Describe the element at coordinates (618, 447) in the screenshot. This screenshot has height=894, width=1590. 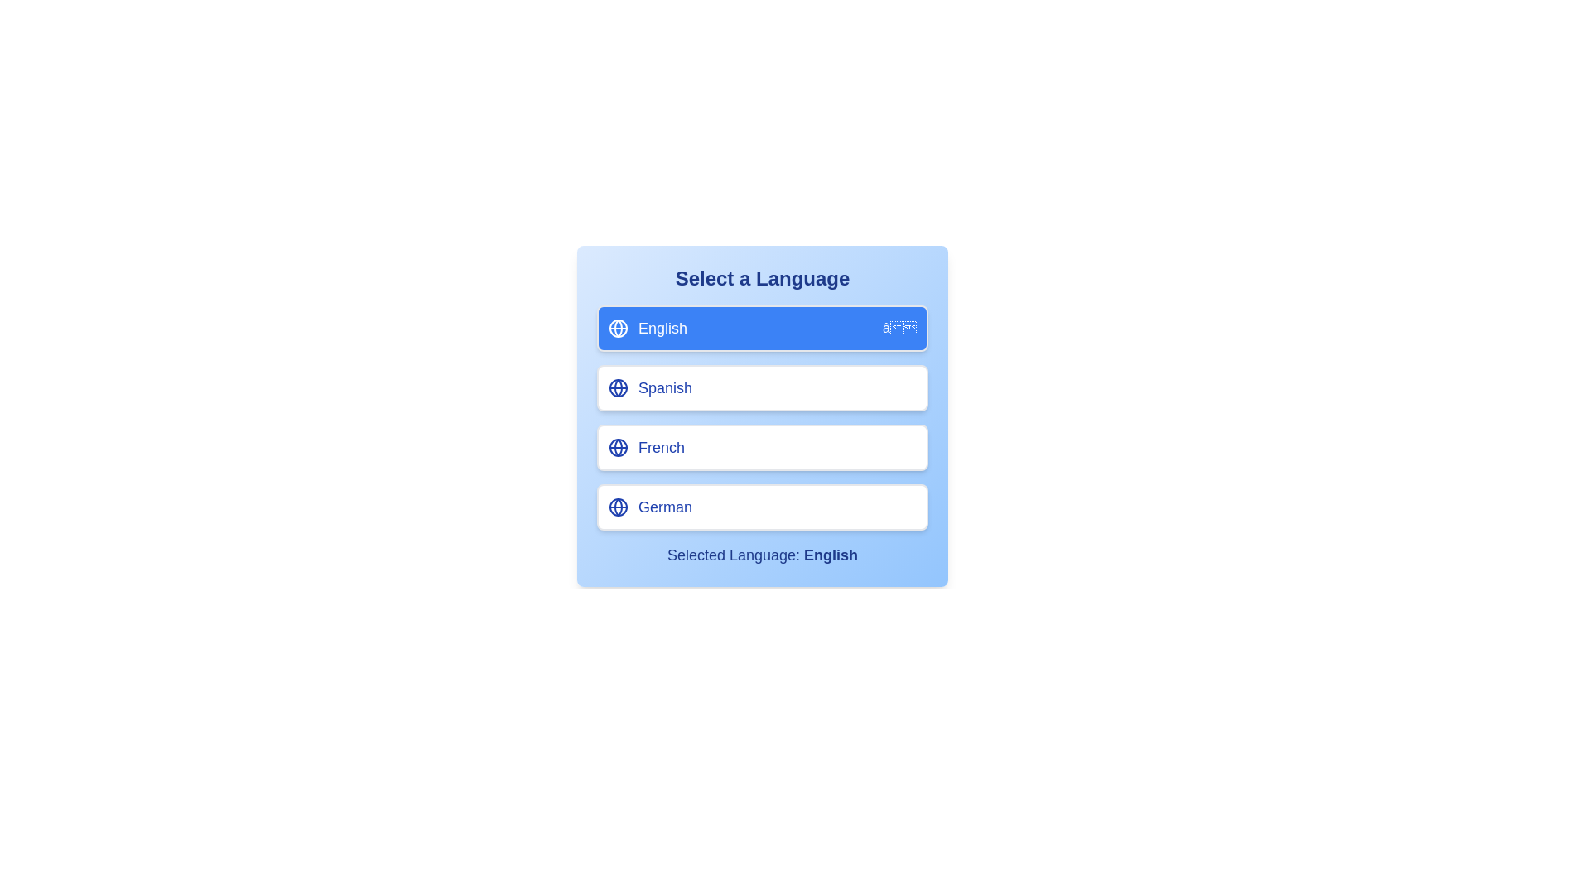
I see `the central blue circular icon representing the globe, which serves as the tab indicator for language selection, located to the left of the 'English' text` at that location.